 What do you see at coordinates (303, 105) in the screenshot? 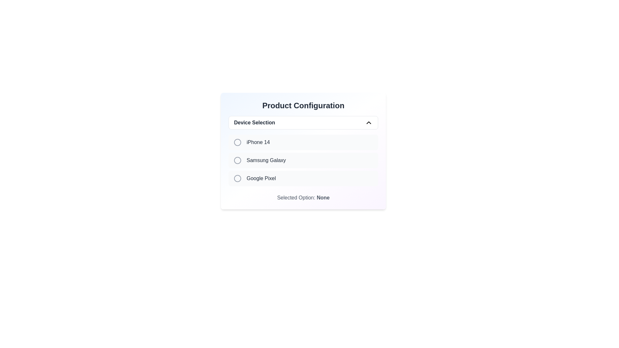
I see `the title or heading element located at the top of the card-styled component, which describes the purpose of the interface below it` at bounding box center [303, 105].